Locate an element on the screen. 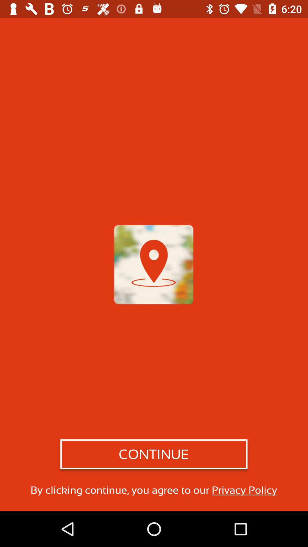 The height and width of the screenshot is (547, 308). item below continue is located at coordinates (153, 490).